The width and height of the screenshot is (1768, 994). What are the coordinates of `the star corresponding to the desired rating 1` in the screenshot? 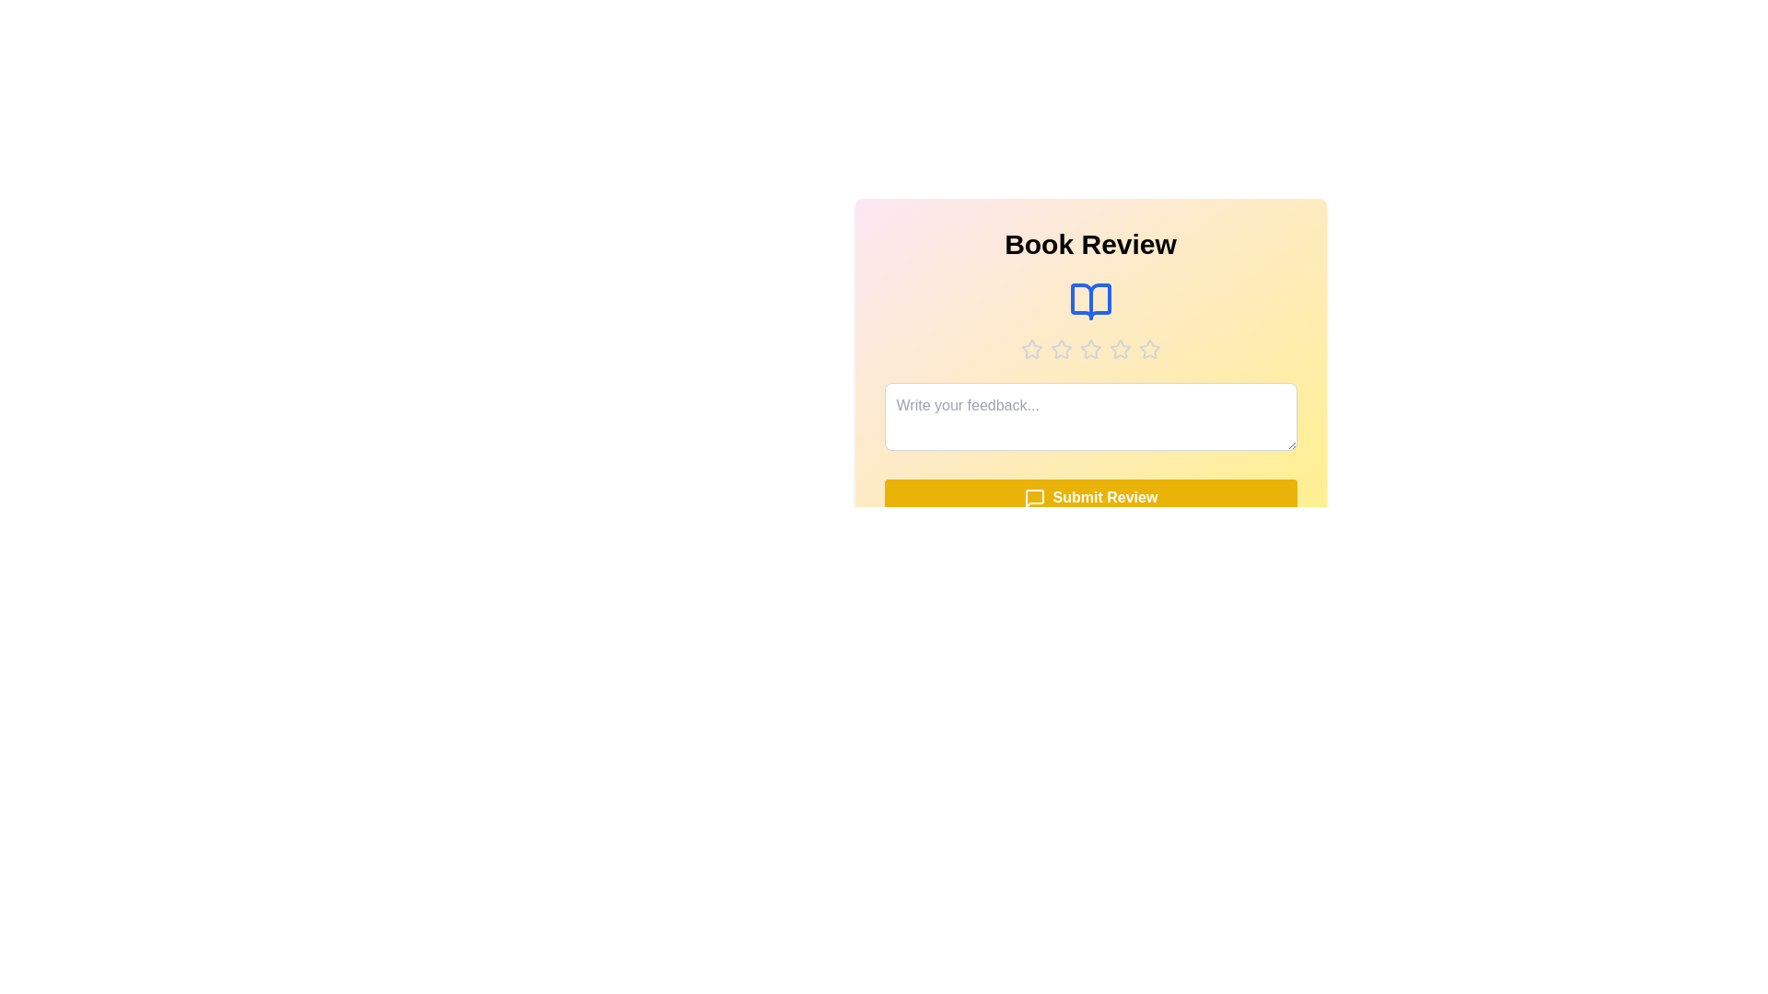 It's located at (1031, 350).